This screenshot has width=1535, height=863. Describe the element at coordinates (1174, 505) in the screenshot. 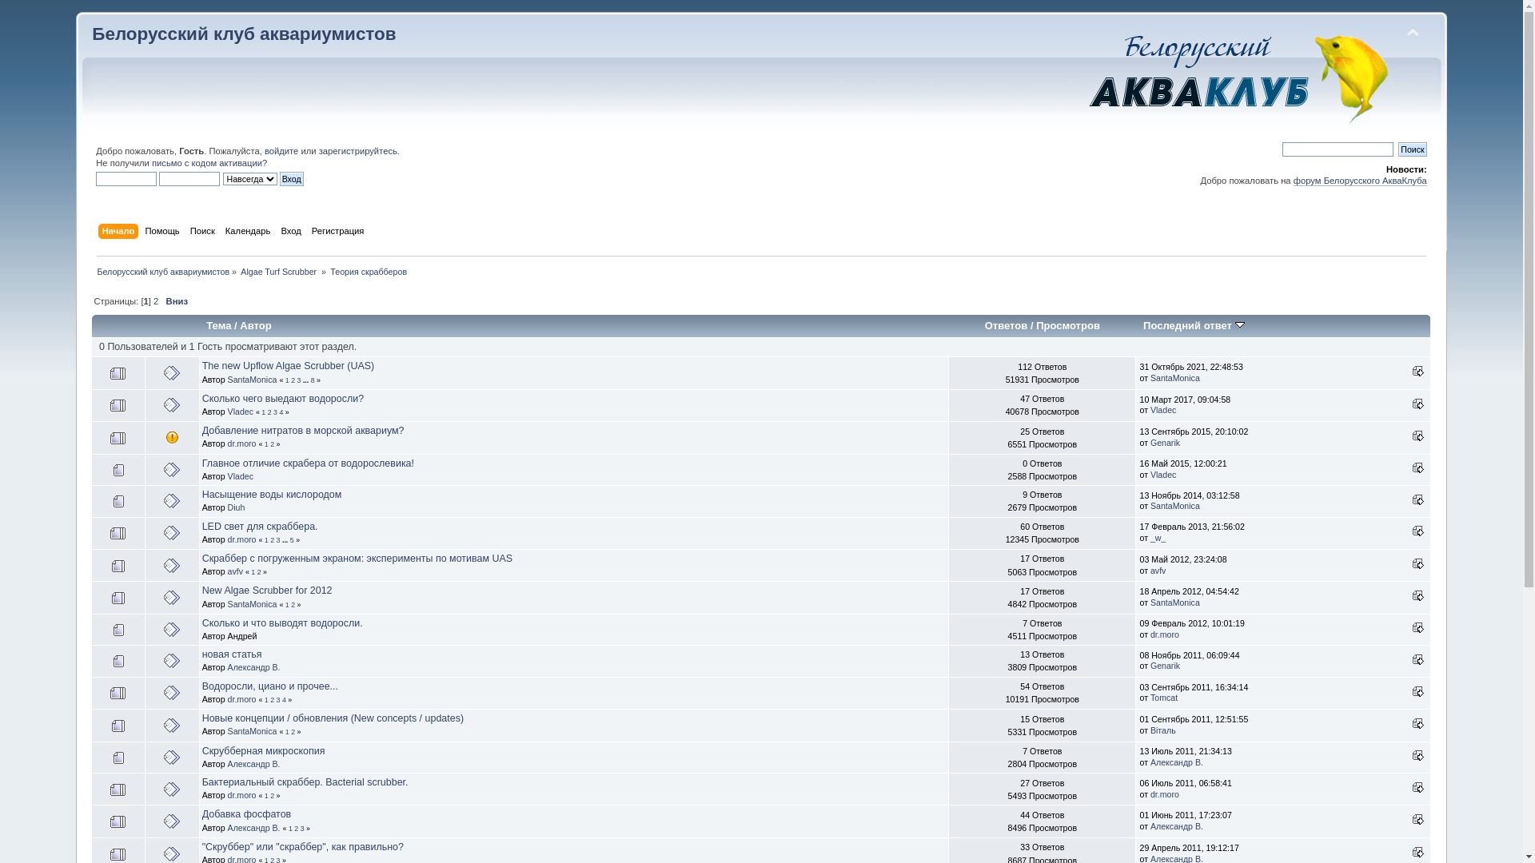

I see `'SantaMonica'` at that location.